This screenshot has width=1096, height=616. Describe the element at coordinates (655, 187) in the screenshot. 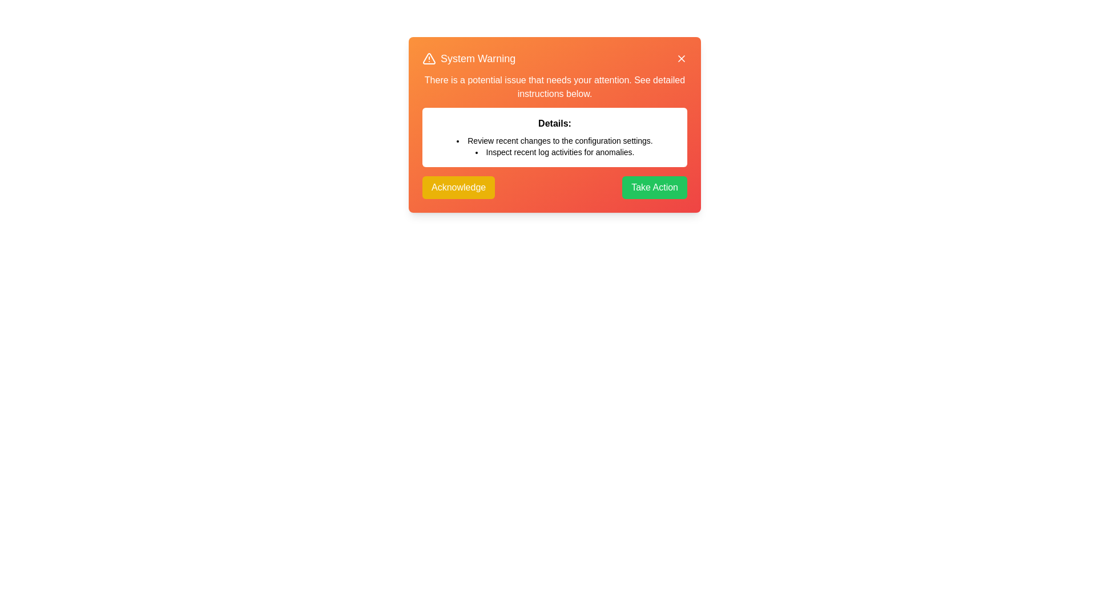

I see `the button located to the right of the 'Acknowledge' button within the red warning message box` at that location.